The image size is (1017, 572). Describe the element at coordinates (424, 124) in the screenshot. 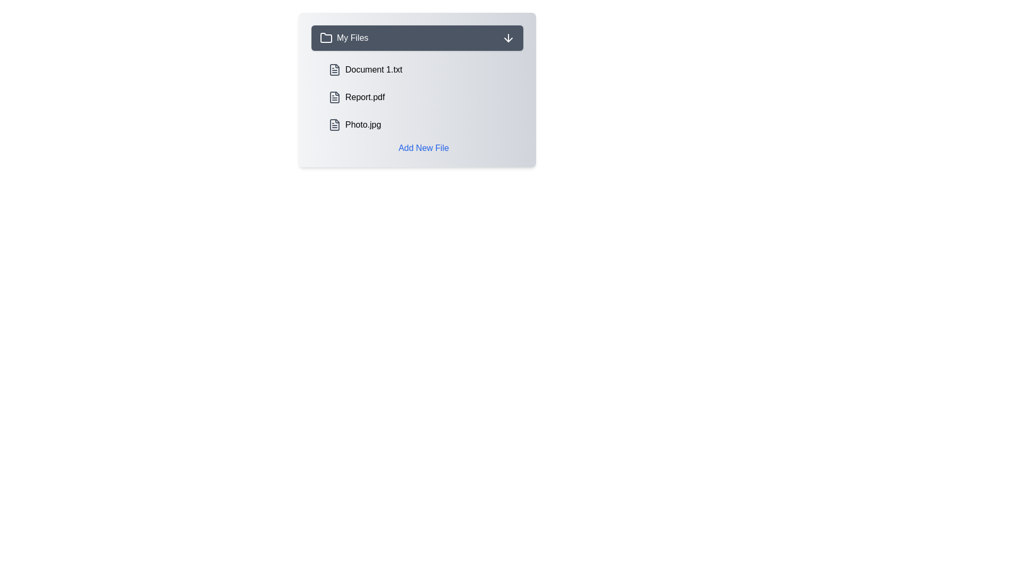

I see `the file Photo.jpg from the list` at that location.